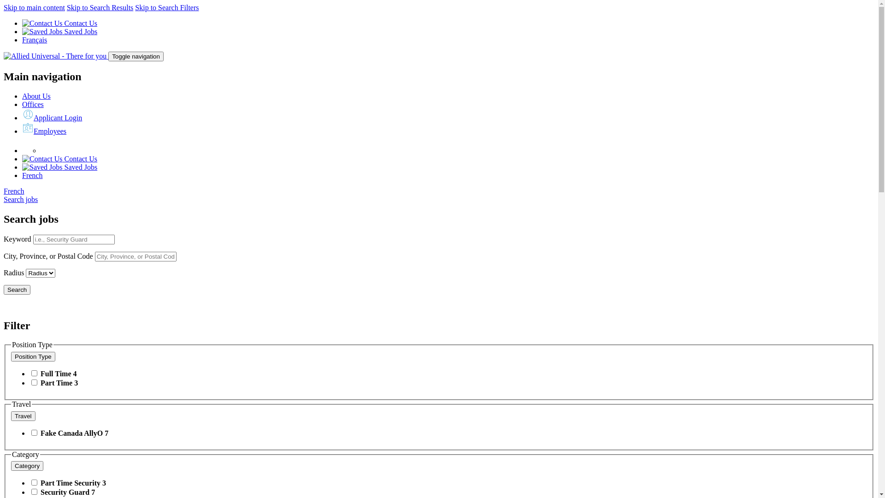  What do you see at coordinates (27, 466) in the screenshot?
I see `'Category'` at bounding box center [27, 466].